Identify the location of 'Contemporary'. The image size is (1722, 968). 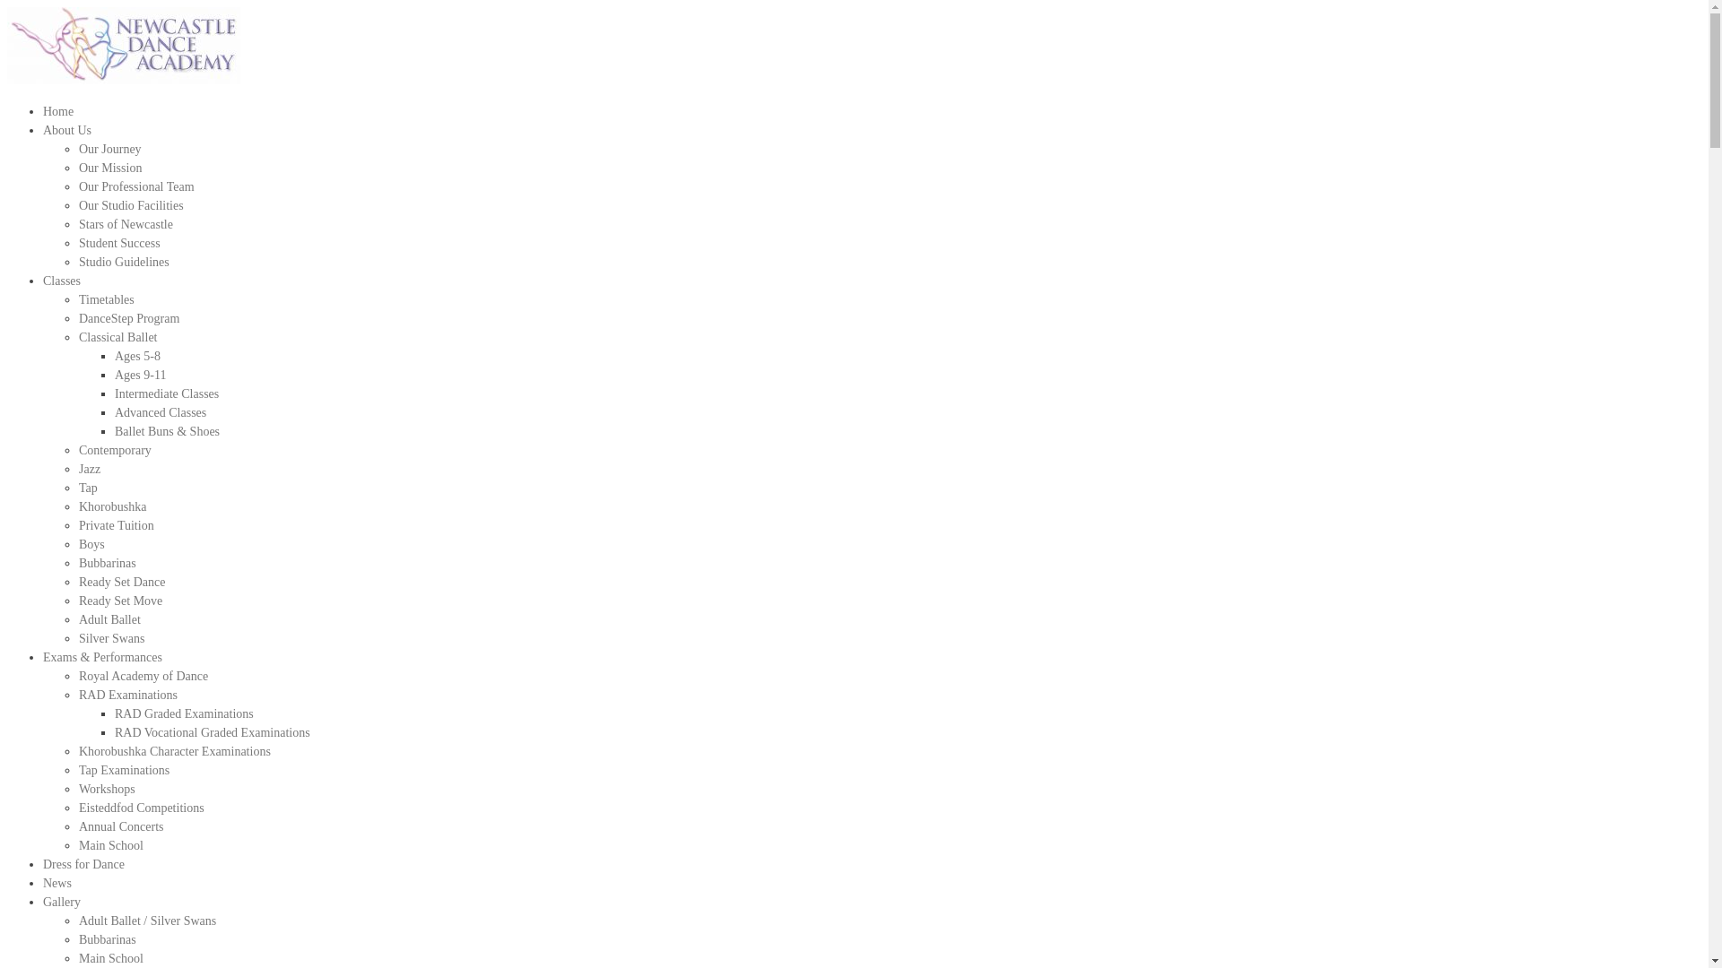
(114, 449).